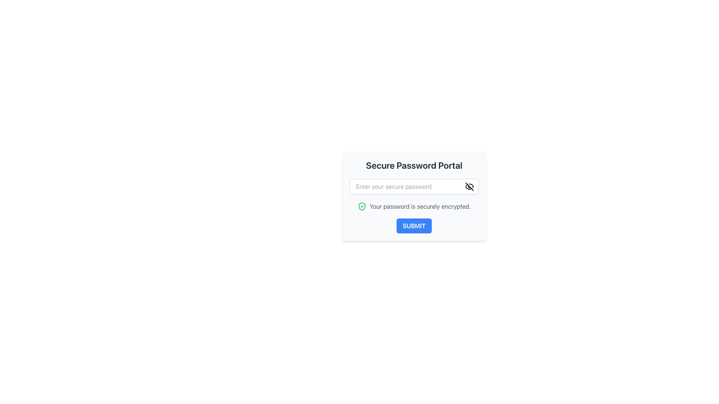 The height and width of the screenshot is (404, 719). Describe the element at coordinates (469, 186) in the screenshot. I see `the Password visibility toggle icon located at the far-right edge of the 'Enter your secure password' input field` at that location.